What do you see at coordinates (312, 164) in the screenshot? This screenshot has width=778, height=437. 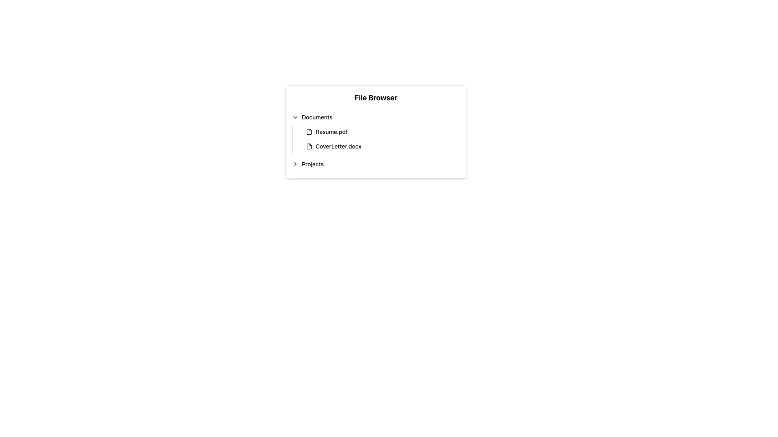 I see `the 'Projects' text label in the file browser, which indicates a category or directory and is positioned below the 'Documents' section, to the right of a chevron icon` at bounding box center [312, 164].